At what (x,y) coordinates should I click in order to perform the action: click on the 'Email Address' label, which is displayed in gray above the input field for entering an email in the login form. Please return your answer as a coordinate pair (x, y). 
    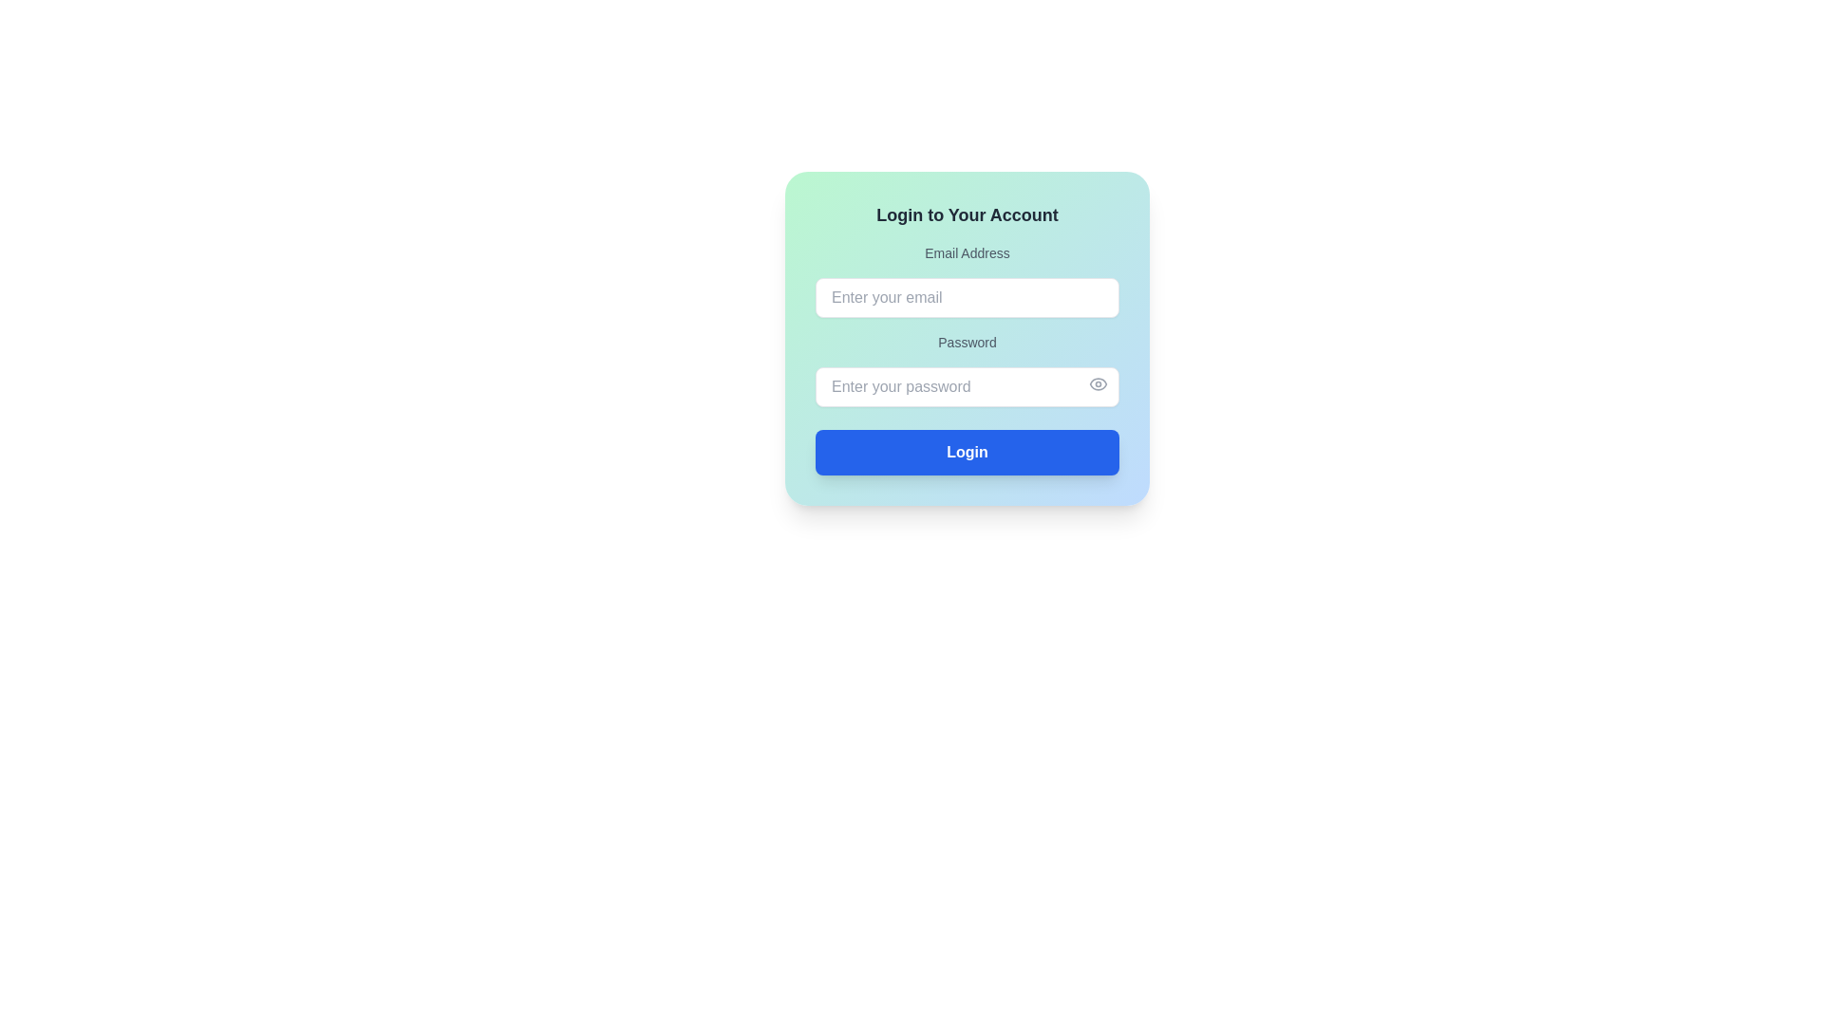
    Looking at the image, I should click on (967, 252).